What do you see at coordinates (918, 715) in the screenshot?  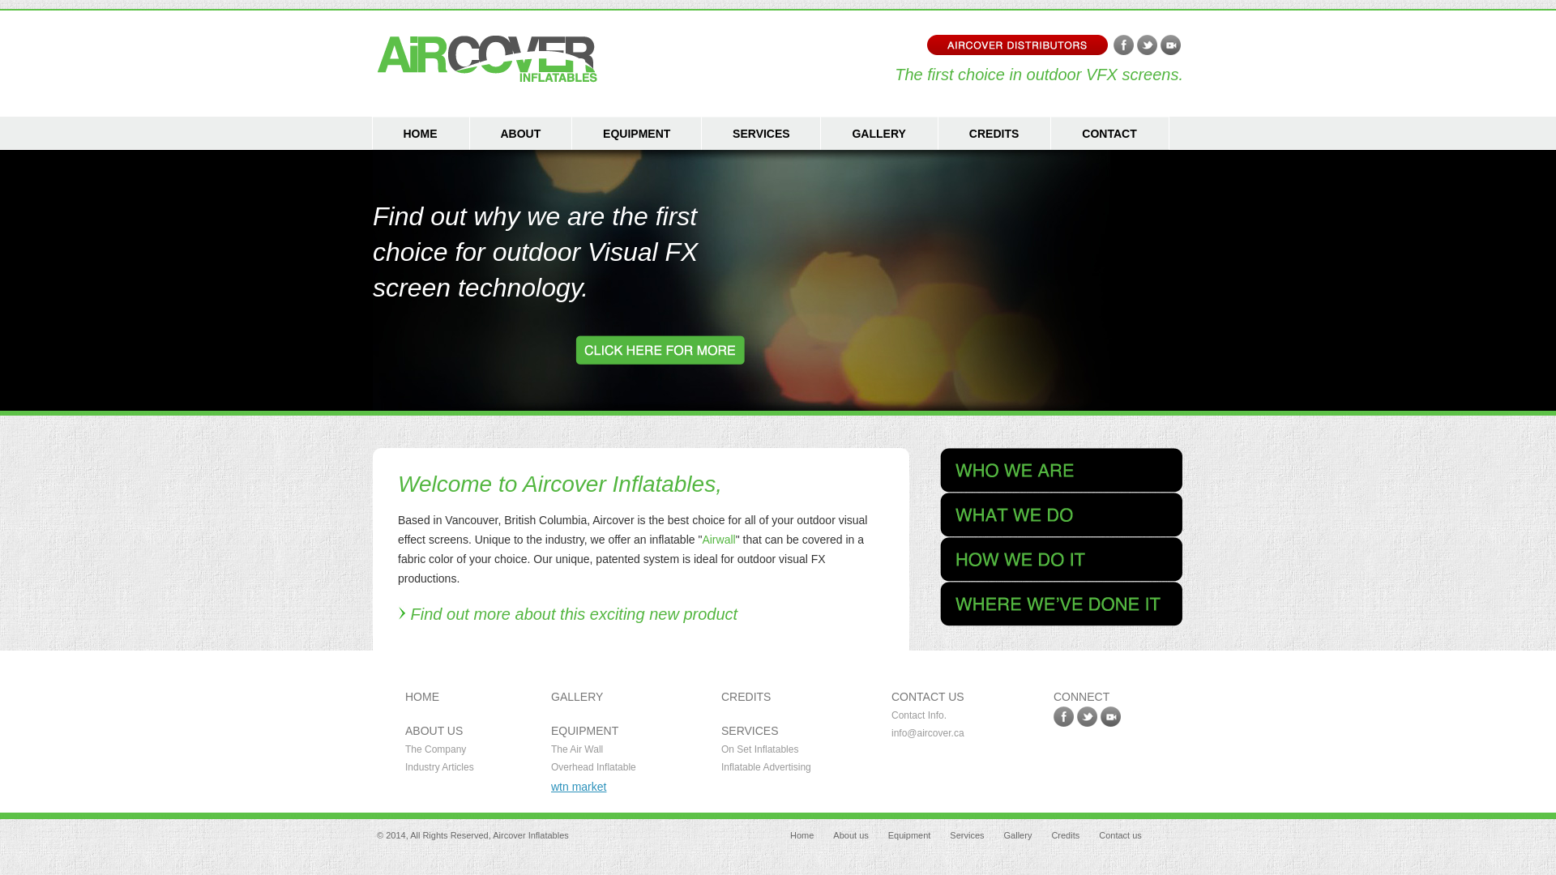 I see `'Contact Info.'` at bounding box center [918, 715].